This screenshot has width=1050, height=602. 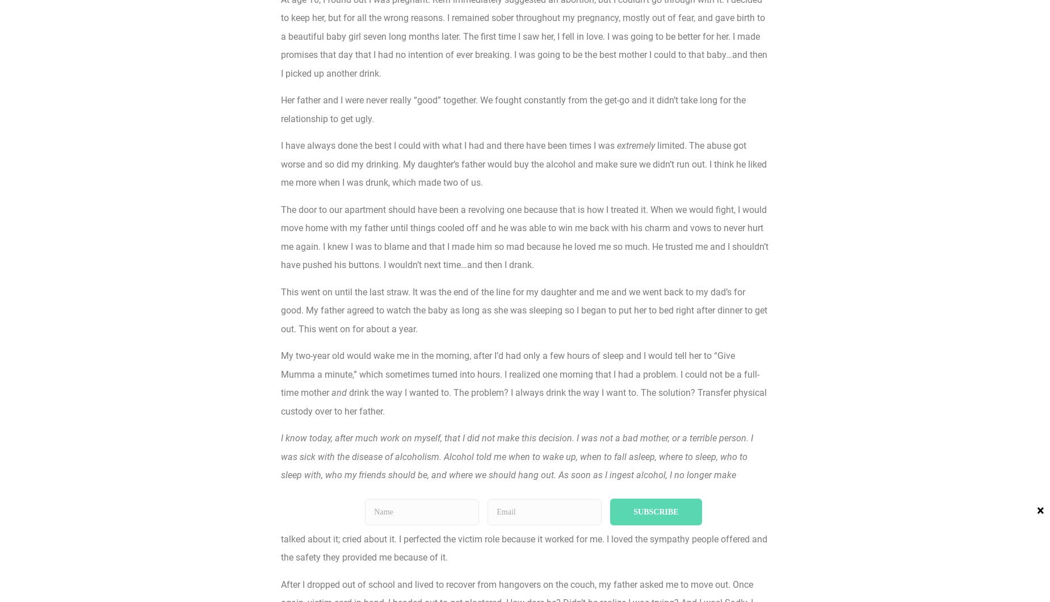 What do you see at coordinates (524, 538) in the screenshot?
I see `'Handing my daughter over to my ex was a choice that I drank about. I drank at it, around it, and through it. I got drunk and talked about it; cried about it. I perfected the victim role because it worked for me. I loved the sympathy people offered and the safety they provided me because of it.'` at bounding box center [524, 538].